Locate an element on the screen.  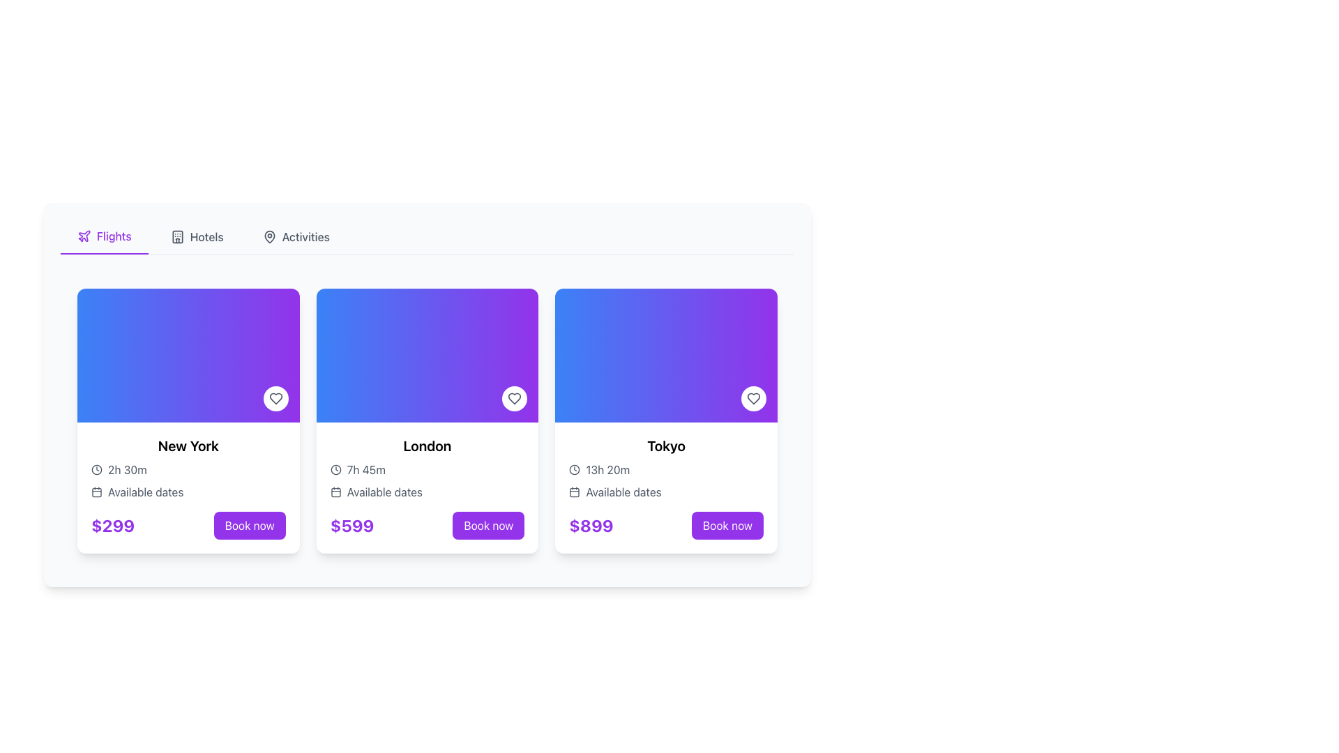
the text label reading 'Available dates' which is styled in gray and positioned below the duration text and to the right of a calendar icon on the Tokyo card is located at coordinates (623, 491).